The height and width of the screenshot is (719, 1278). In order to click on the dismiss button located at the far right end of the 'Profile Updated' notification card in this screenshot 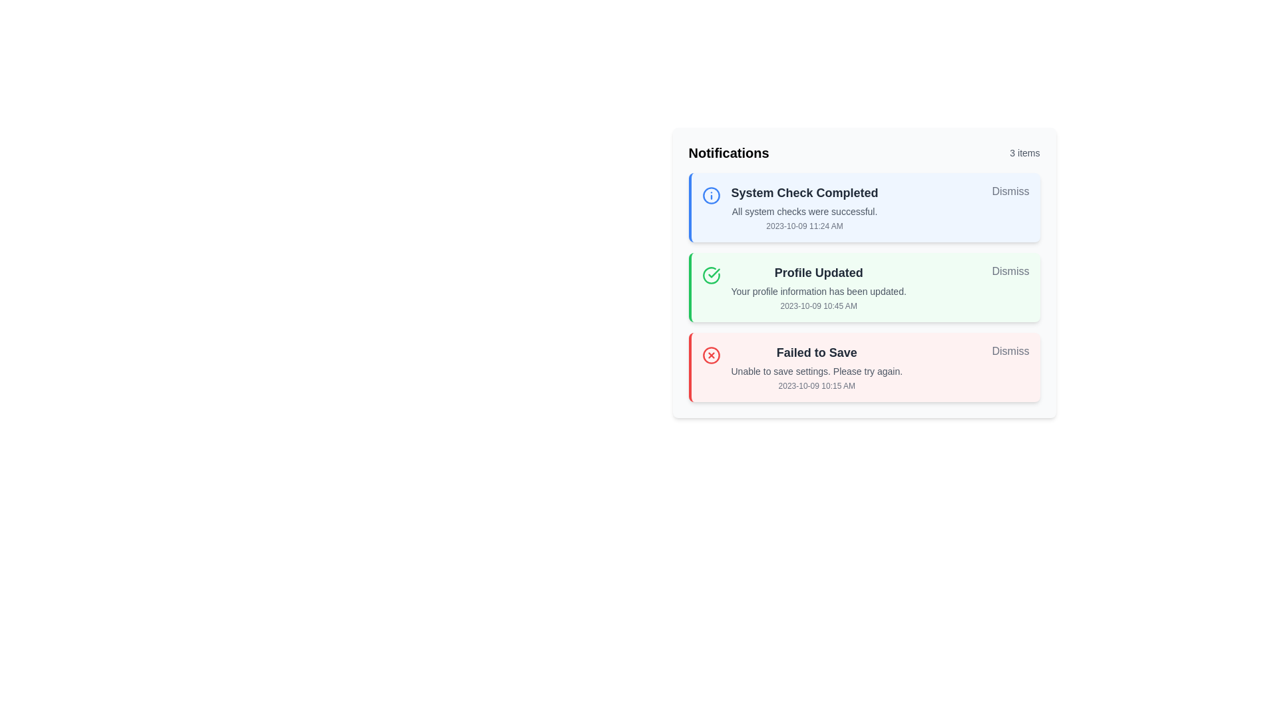, I will do `click(1010, 271)`.